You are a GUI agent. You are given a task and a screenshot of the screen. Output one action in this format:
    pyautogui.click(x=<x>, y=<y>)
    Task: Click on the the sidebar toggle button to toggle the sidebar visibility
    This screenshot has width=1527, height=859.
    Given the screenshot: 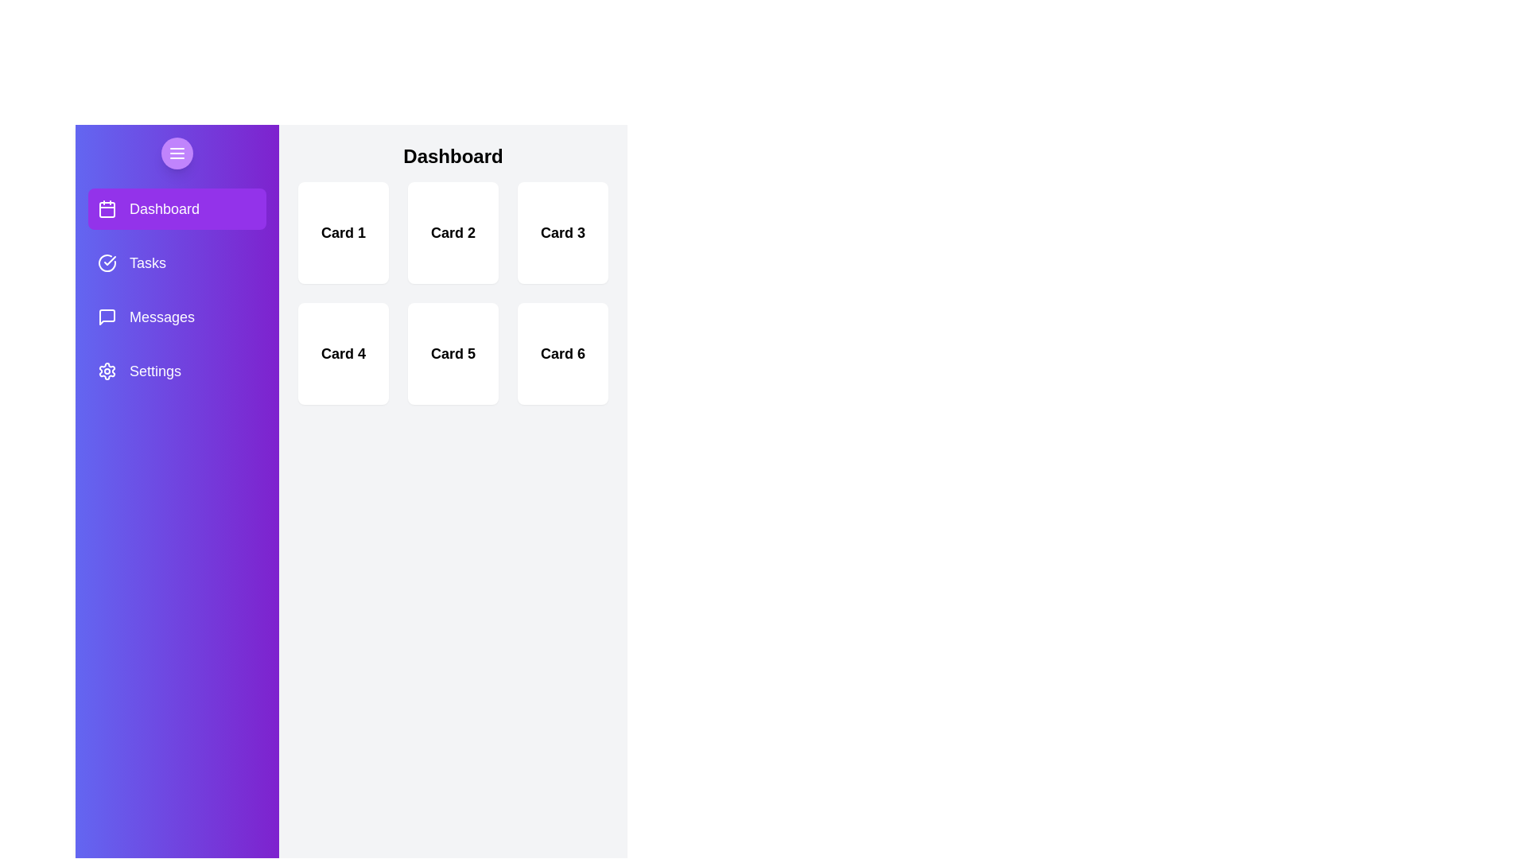 What is the action you would take?
    pyautogui.click(x=177, y=153)
    